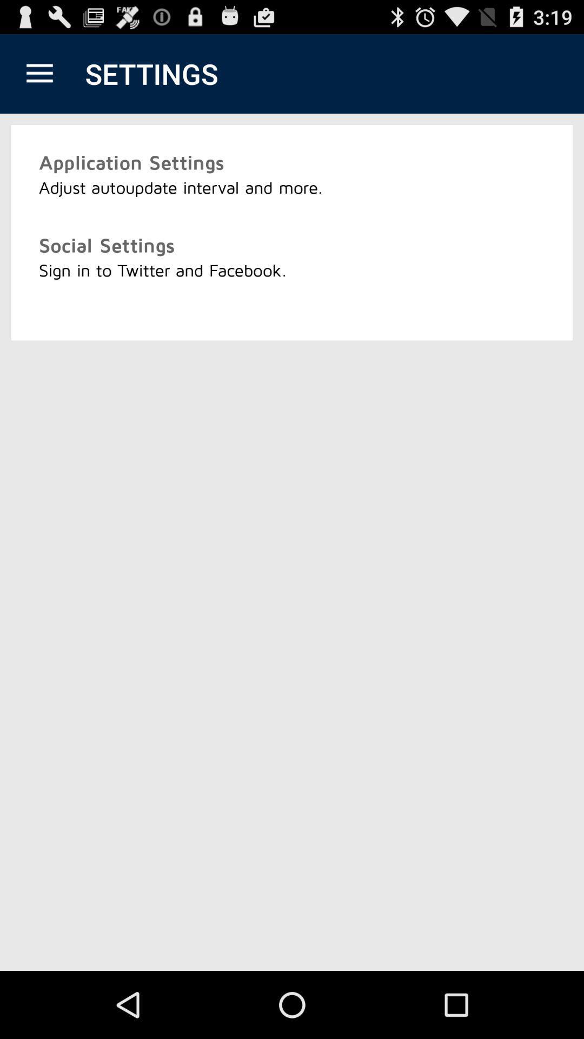 The height and width of the screenshot is (1039, 584). I want to click on menu options, so click(39, 73).